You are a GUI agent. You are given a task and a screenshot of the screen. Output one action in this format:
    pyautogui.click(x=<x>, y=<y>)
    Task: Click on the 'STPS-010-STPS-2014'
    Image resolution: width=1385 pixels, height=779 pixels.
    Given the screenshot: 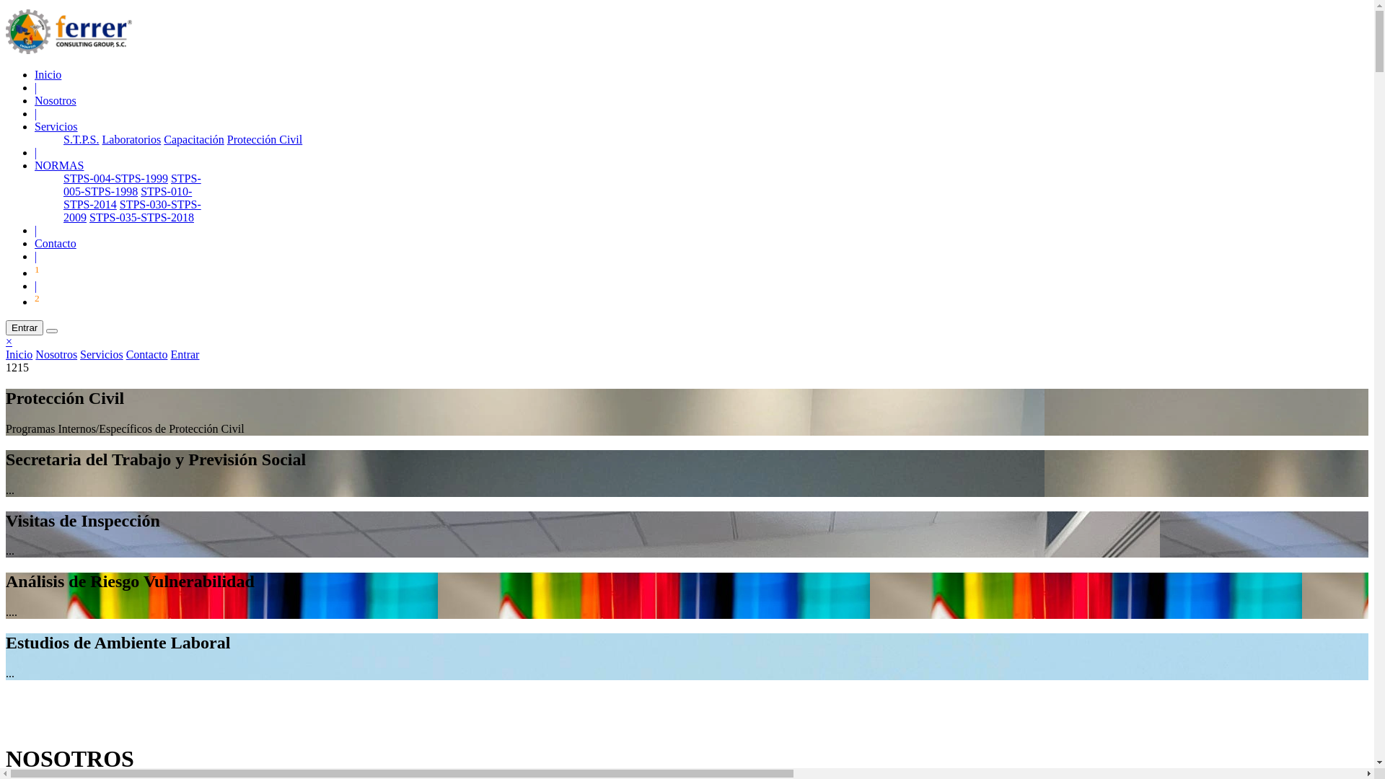 What is the action you would take?
    pyautogui.click(x=128, y=198)
    